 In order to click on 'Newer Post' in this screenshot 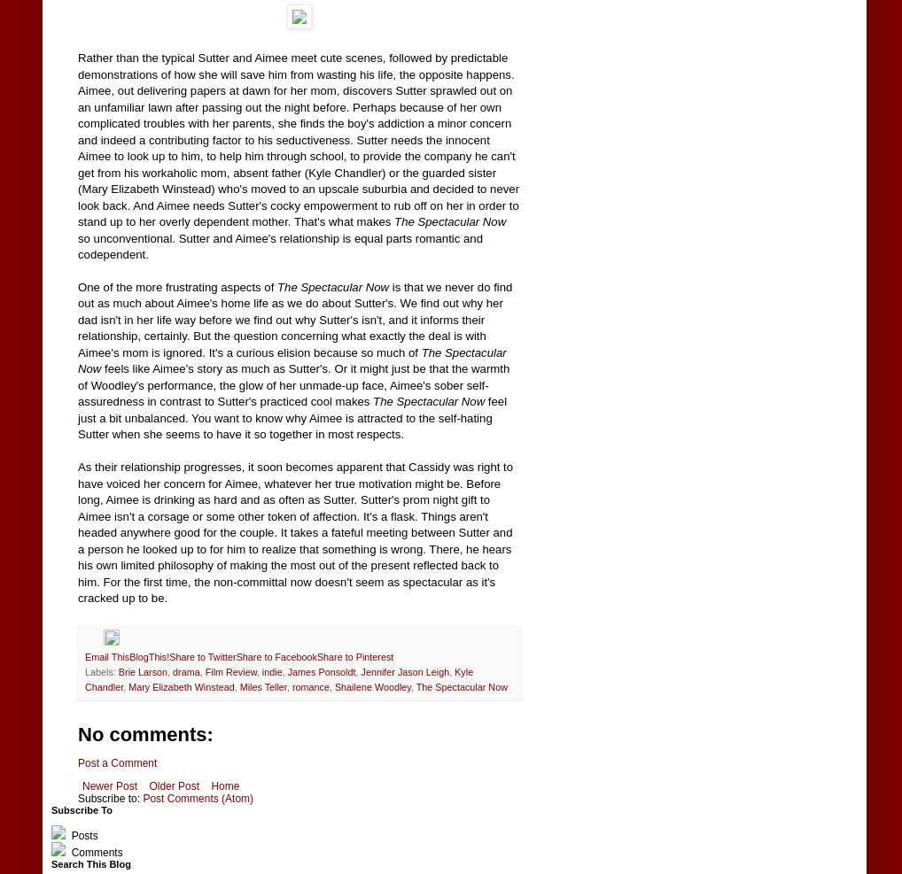, I will do `click(108, 785)`.